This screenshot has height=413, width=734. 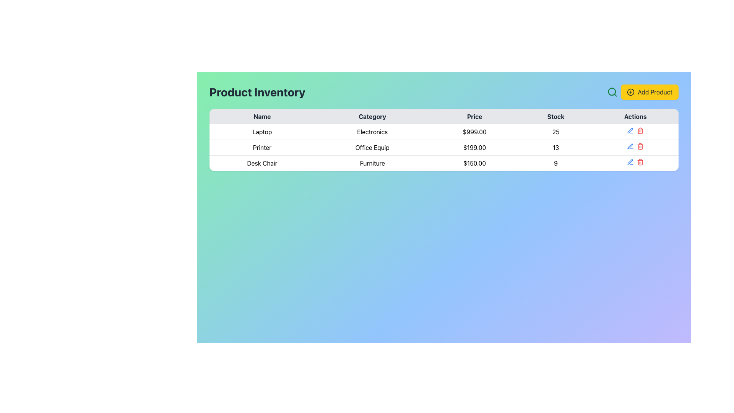 What do you see at coordinates (631, 91) in the screenshot?
I see `the black circular icon with a plus sign located to the left of the 'Add Product' button in the header section` at bounding box center [631, 91].